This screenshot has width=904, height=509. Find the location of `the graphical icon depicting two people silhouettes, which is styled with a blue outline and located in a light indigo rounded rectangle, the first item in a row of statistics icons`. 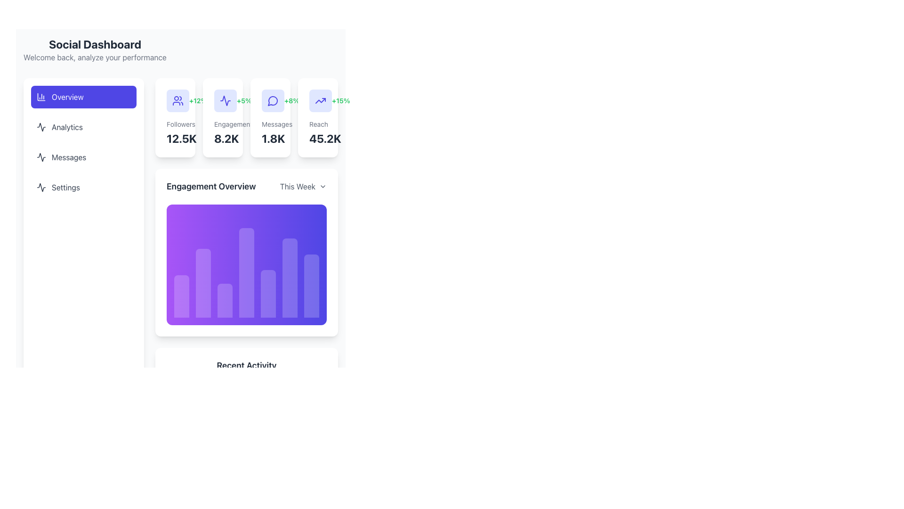

the graphical icon depicting two people silhouettes, which is styled with a blue outline and located in a light indigo rounded rectangle, the first item in a row of statistics icons is located at coordinates (175, 100).